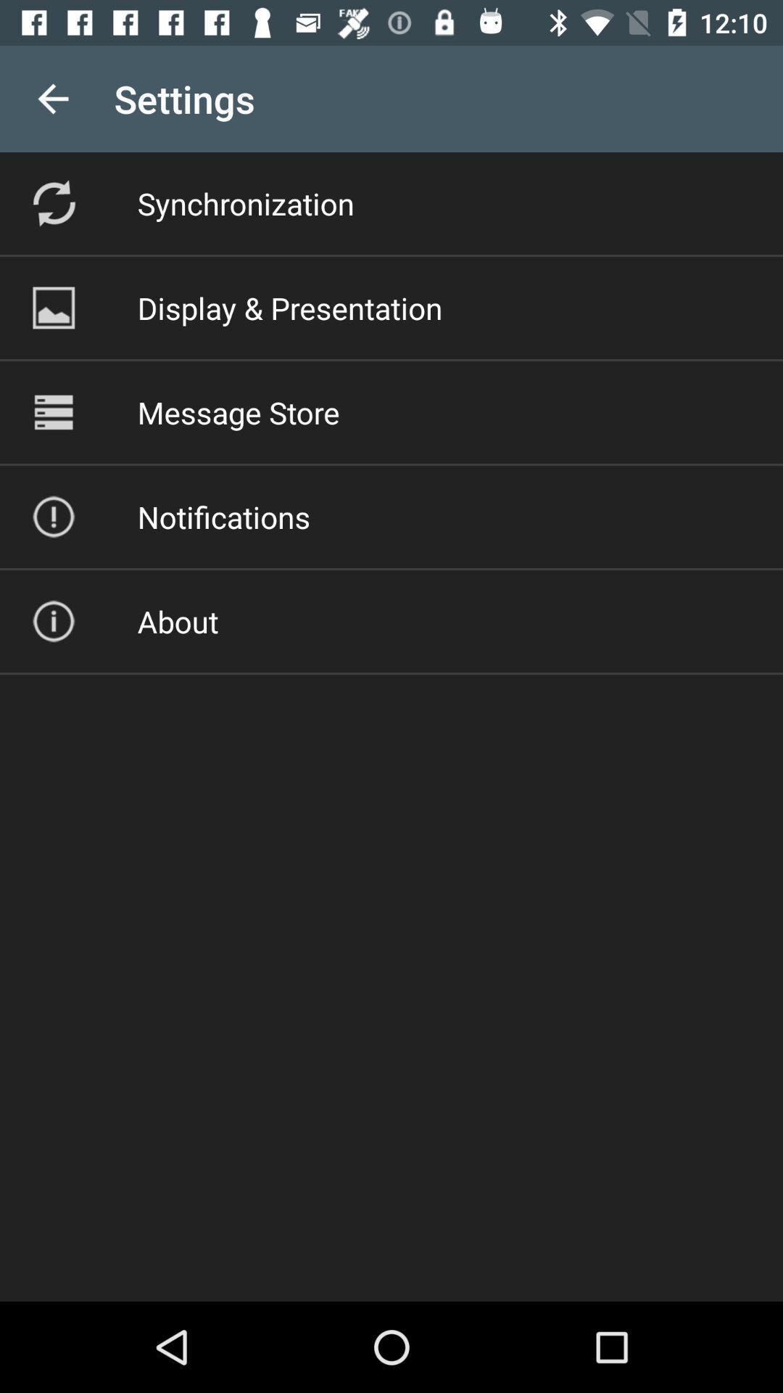  What do you see at coordinates (290, 307) in the screenshot?
I see `the icon above the message store item` at bounding box center [290, 307].